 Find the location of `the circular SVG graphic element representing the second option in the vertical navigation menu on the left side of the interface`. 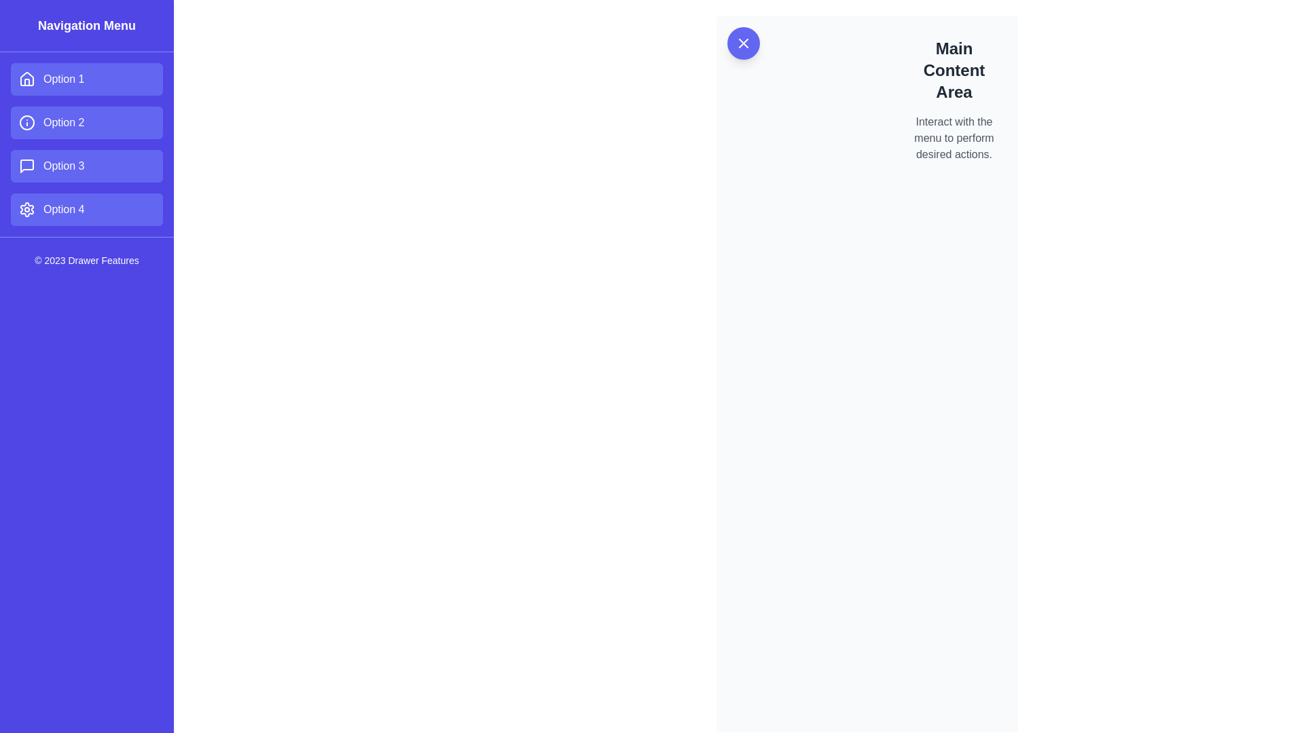

the circular SVG graphic element representing the second option in the vertical navigation menu on the left side of the interface is located at coordinates (26, 123).